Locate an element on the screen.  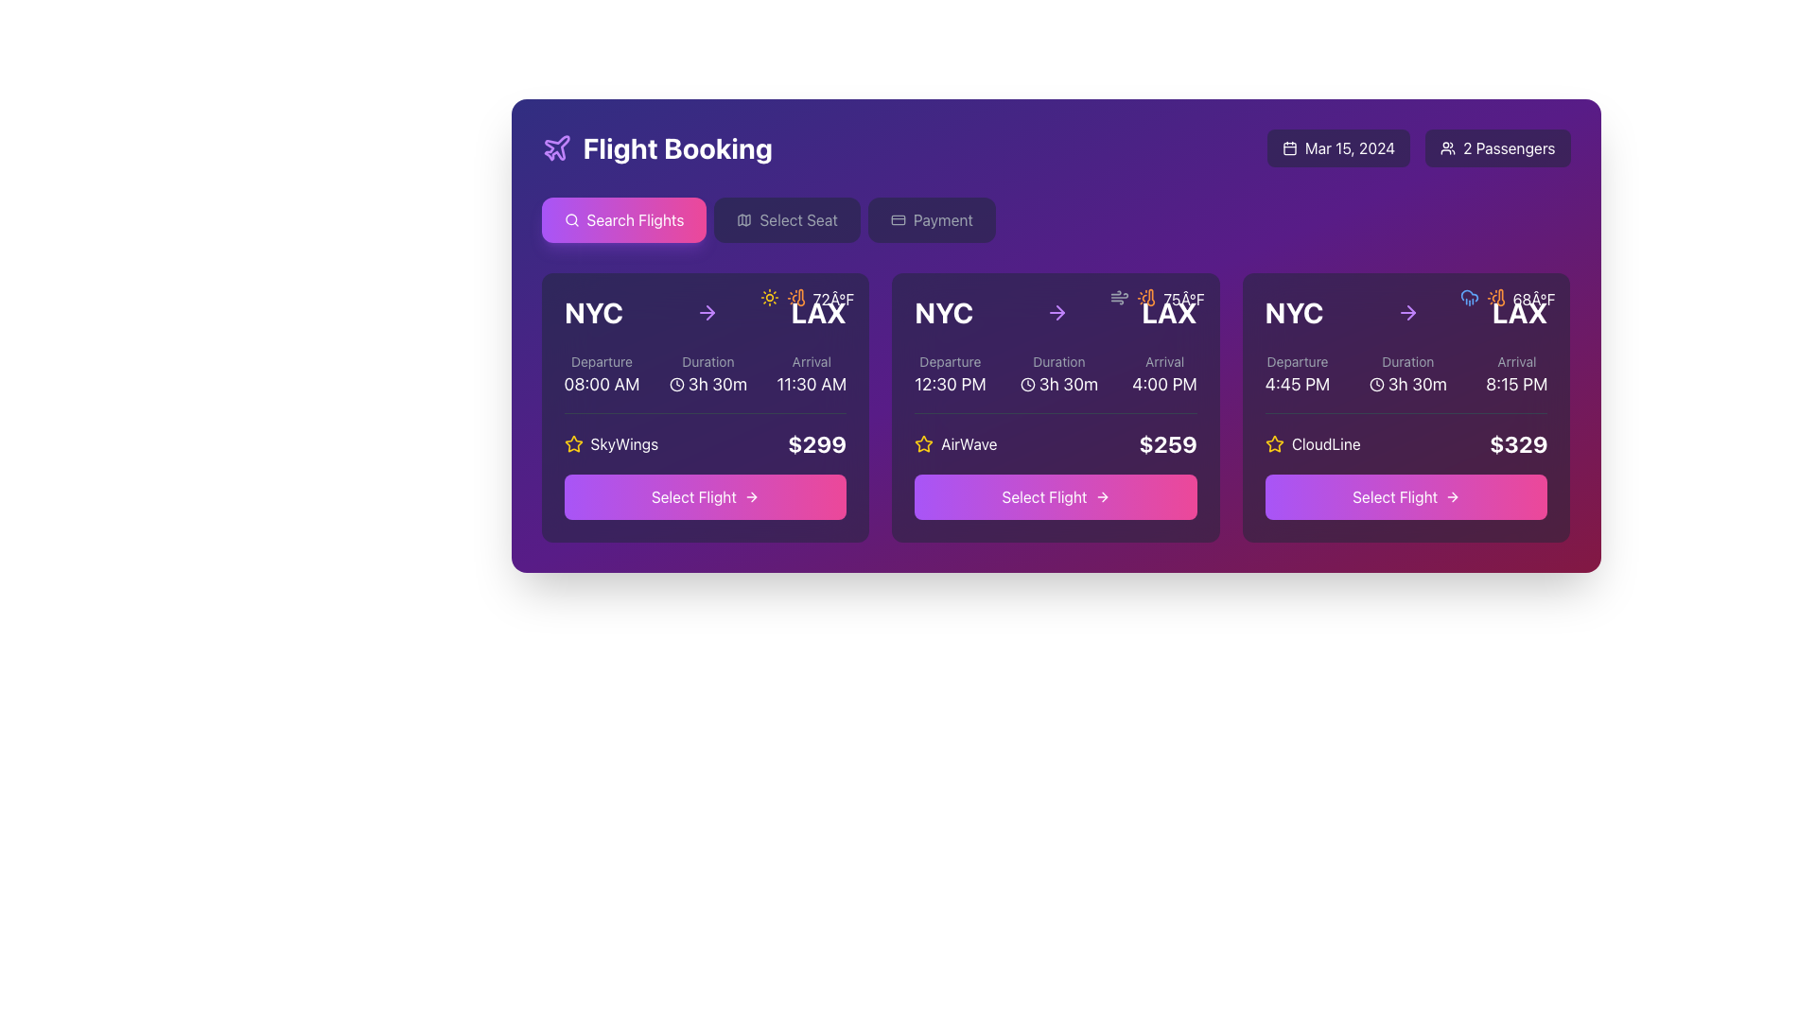
the flight information card featuring departure and arrival locations, airline identifier, and price, positioned as the middle card in the 'Flight Booking' section is located at coordinates (1055, 407).